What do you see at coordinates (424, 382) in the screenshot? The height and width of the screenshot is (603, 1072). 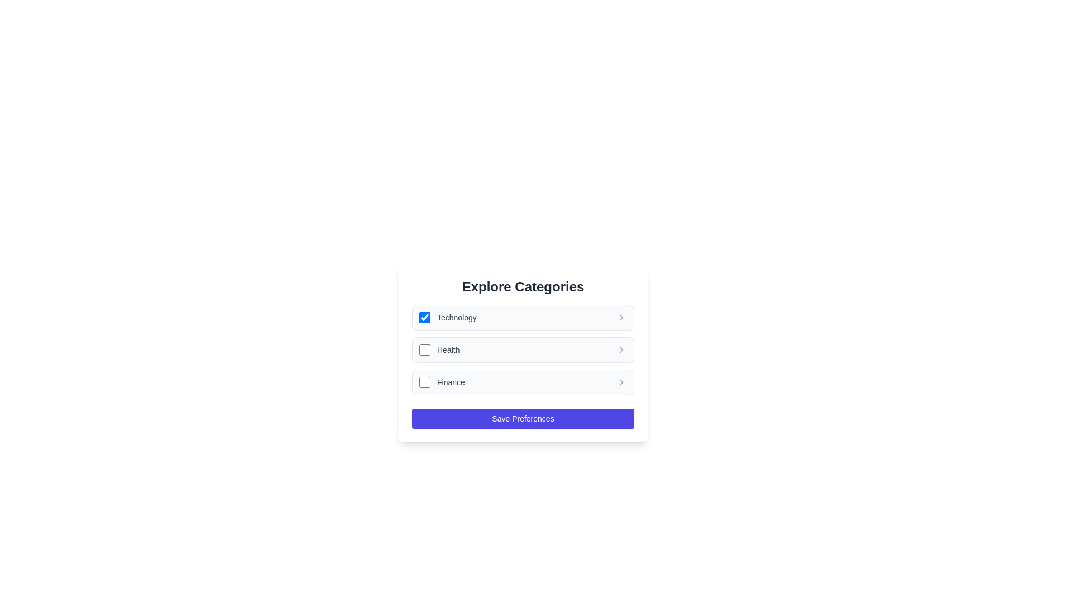 I see `the checkbox for the 'Finance' category to toggle its state` at bounding box center [424, 382].